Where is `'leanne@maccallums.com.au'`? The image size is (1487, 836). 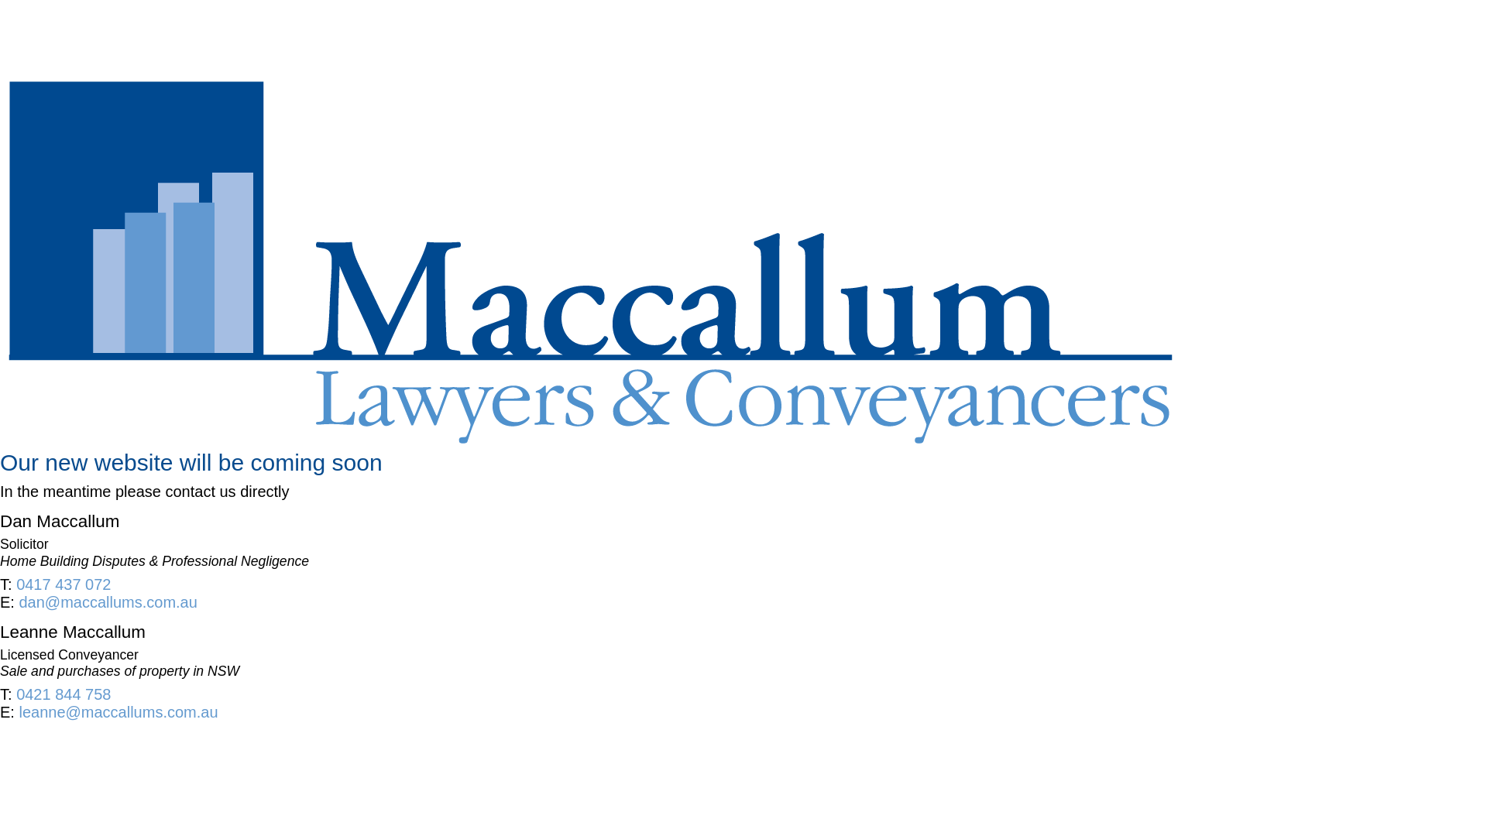
'leanne@maccallums.com.au' is located at coordinates (117, 712).